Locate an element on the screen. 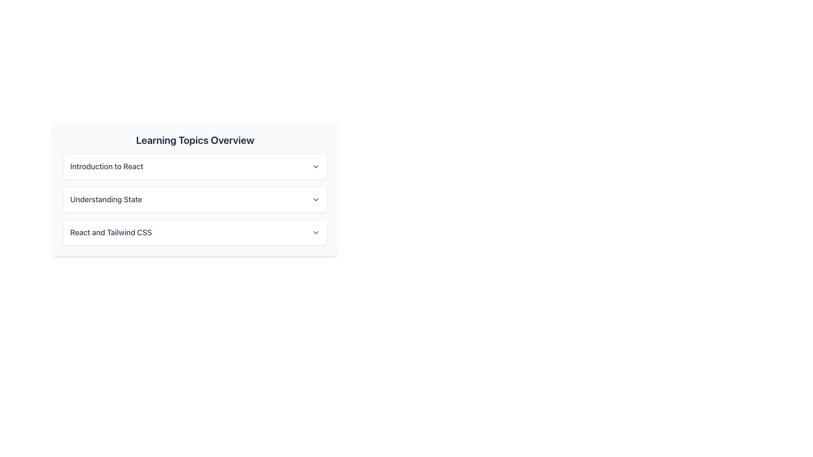 This screenshot has width=813, height=457. the downward-facing chevron icon on the right side of the 'React and Tailwind CSS' label is located at coordinates (315, 233).